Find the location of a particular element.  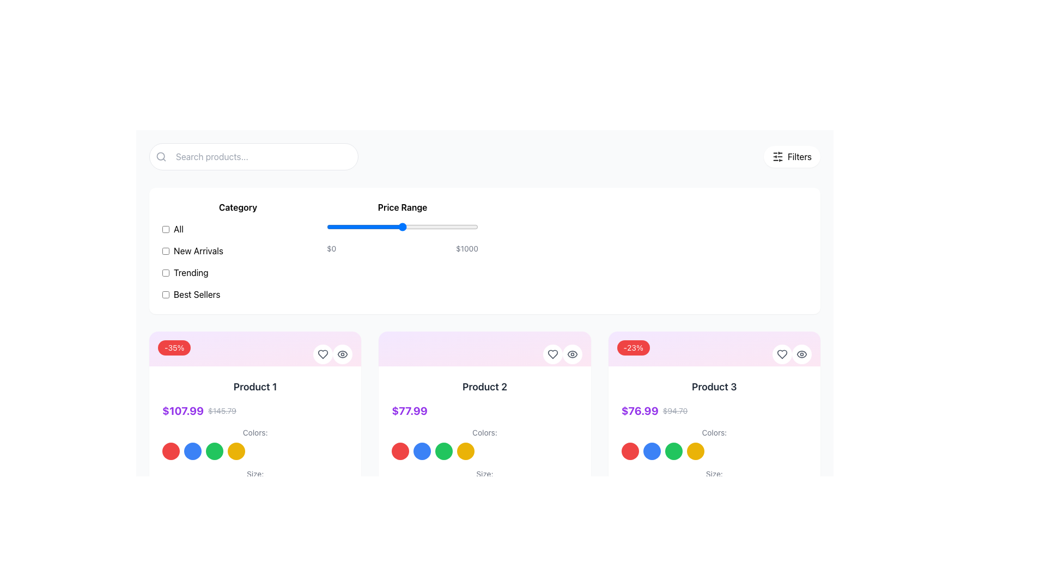

the size options in the Size selector for 'Product 2', located below the 'Colors:' section and above the 'Add to Cart' button is located at coordinates (484, 485).